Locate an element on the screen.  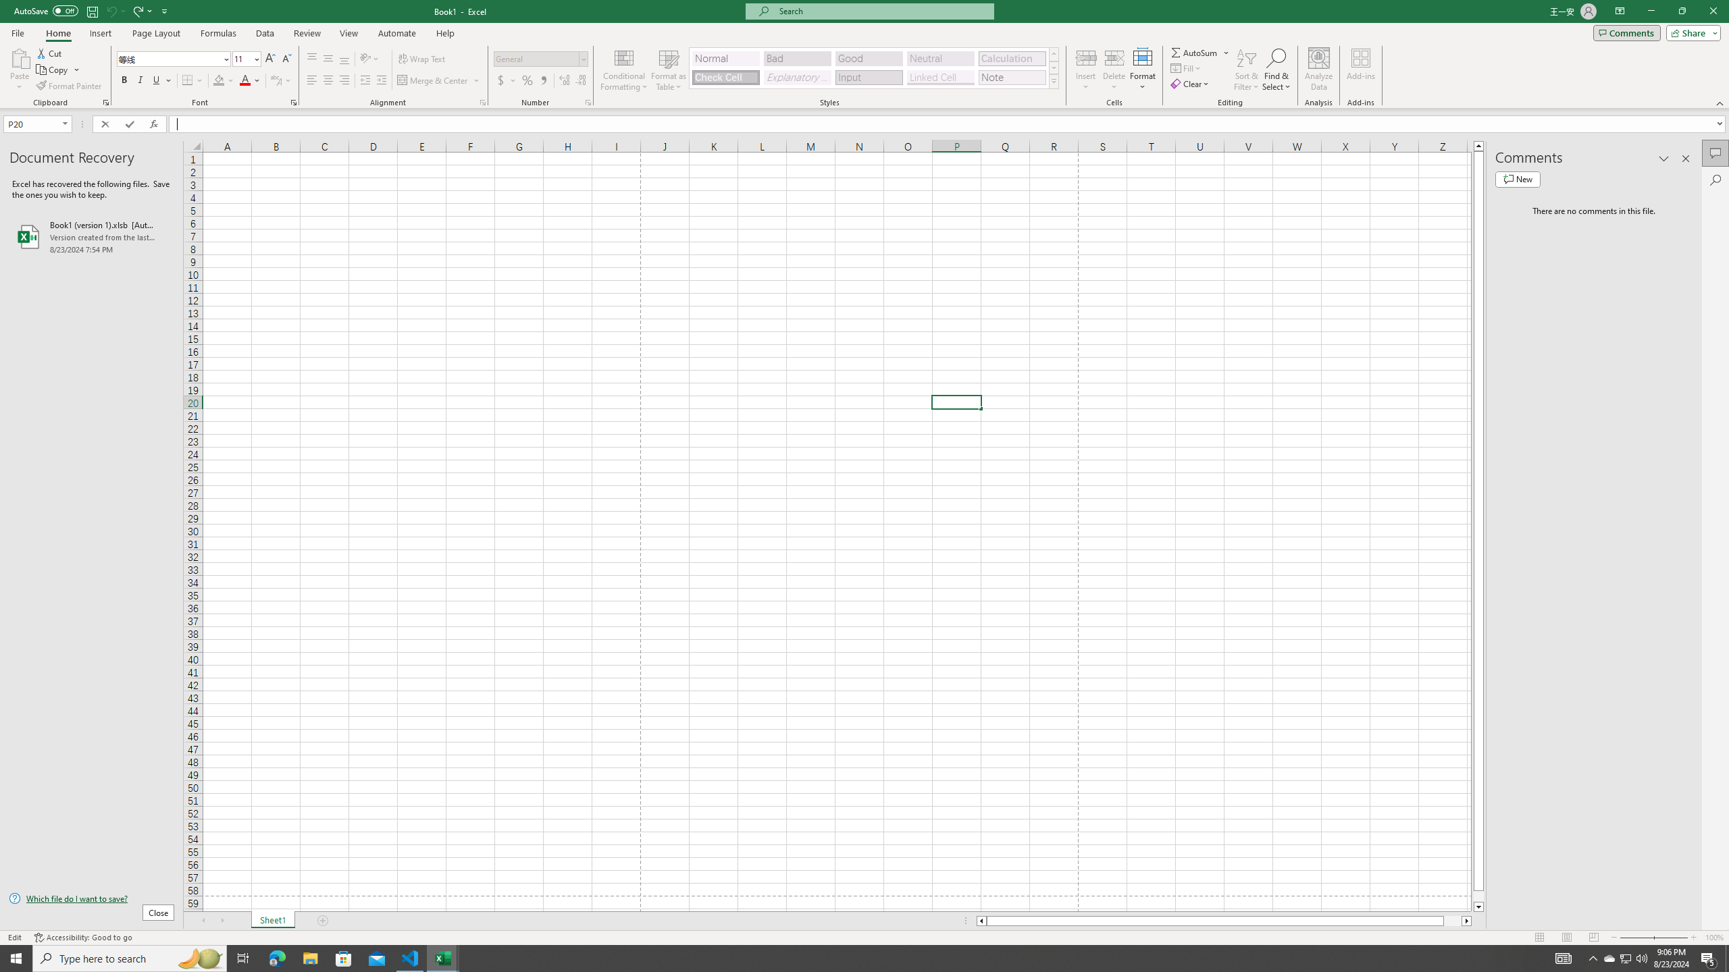
'Format Cell Alignment' is located at coordinates (482, 101).